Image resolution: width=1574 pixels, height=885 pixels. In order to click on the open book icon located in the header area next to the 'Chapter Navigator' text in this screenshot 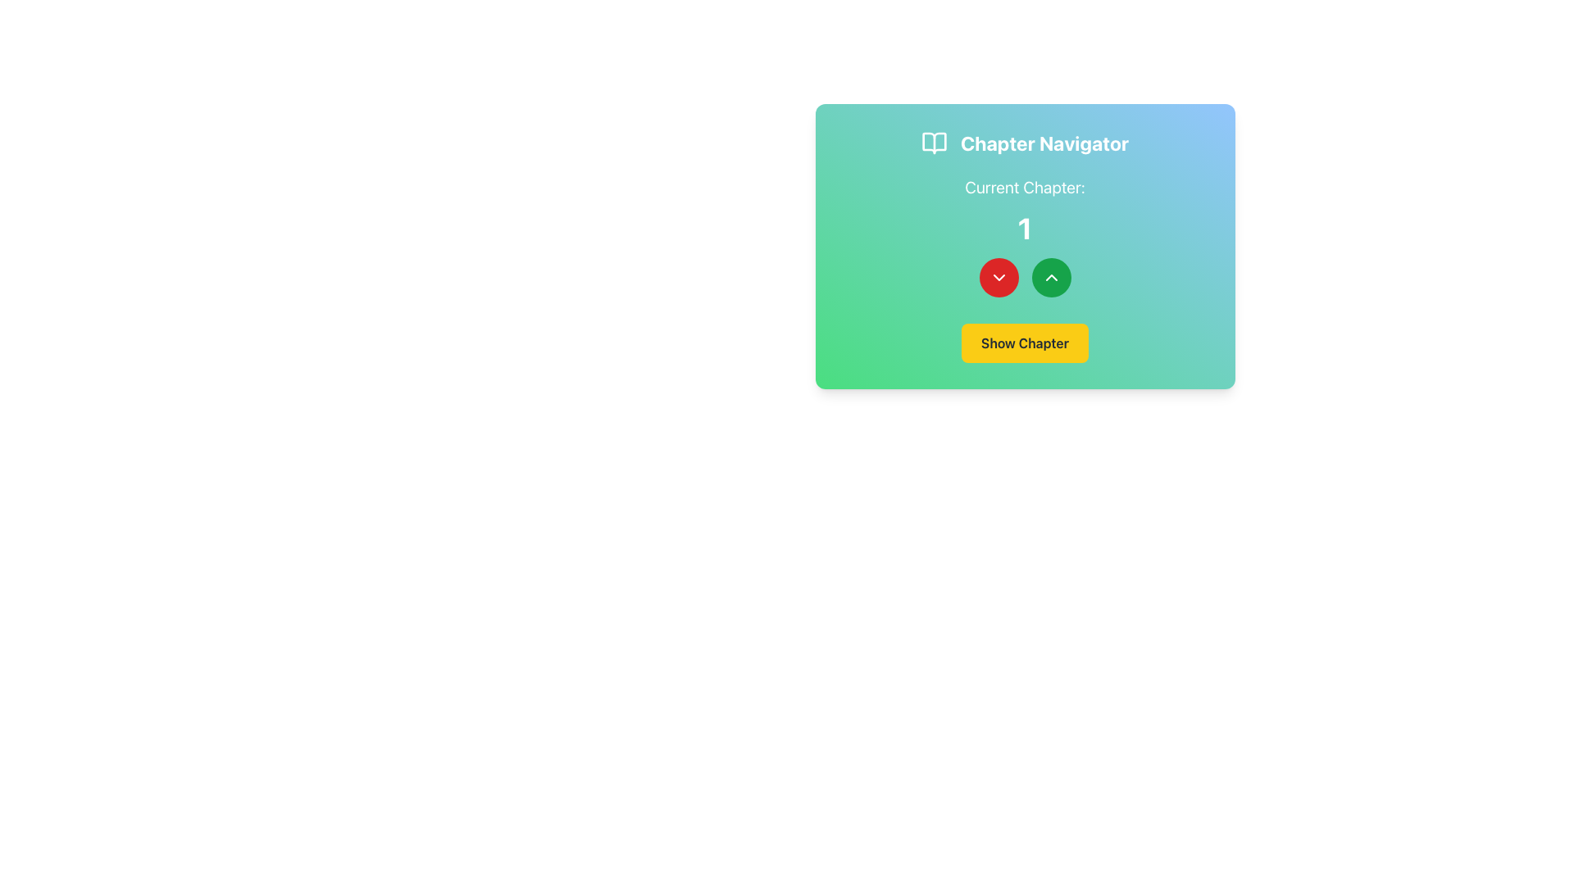, I will do `click(934, 142)`.